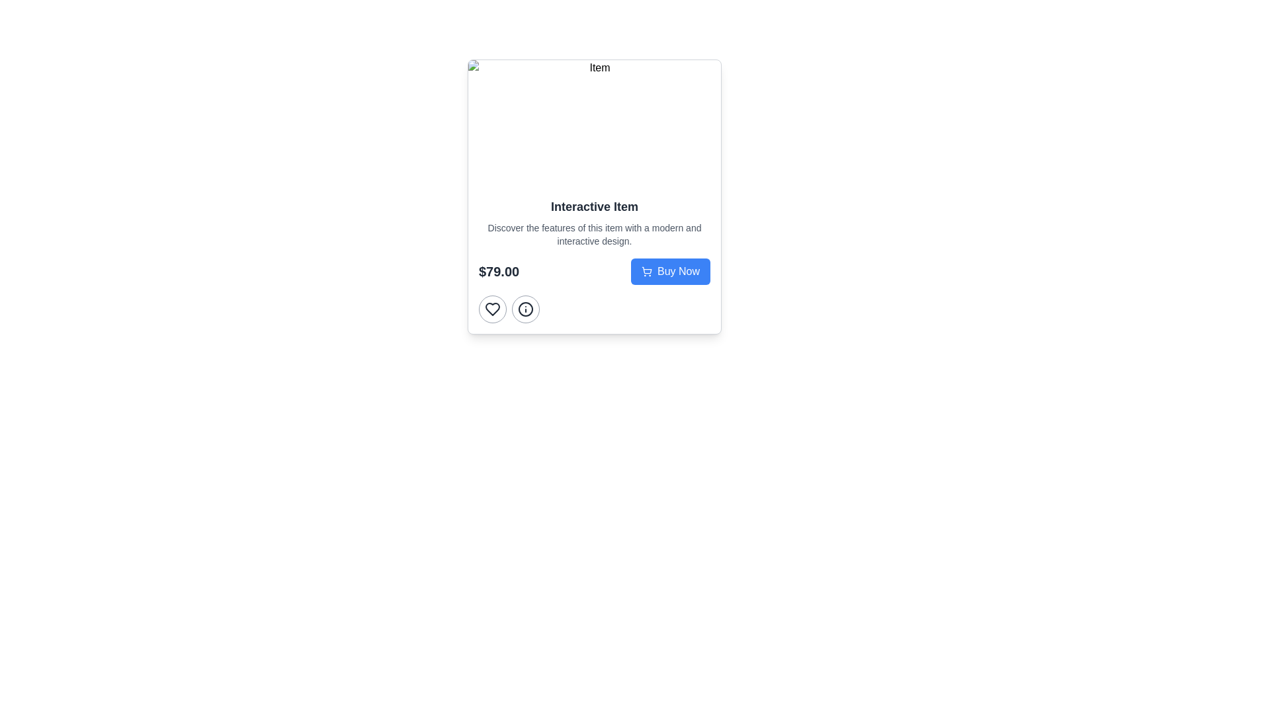 The height and width of the screenshot is (714, 1270). I want to click on the SVG circle icon element that represents information or a tooltip marker, which is located in the second position of two icons below the main item description and price section, to the right of the heart-shaped icon, so click(525, 309).